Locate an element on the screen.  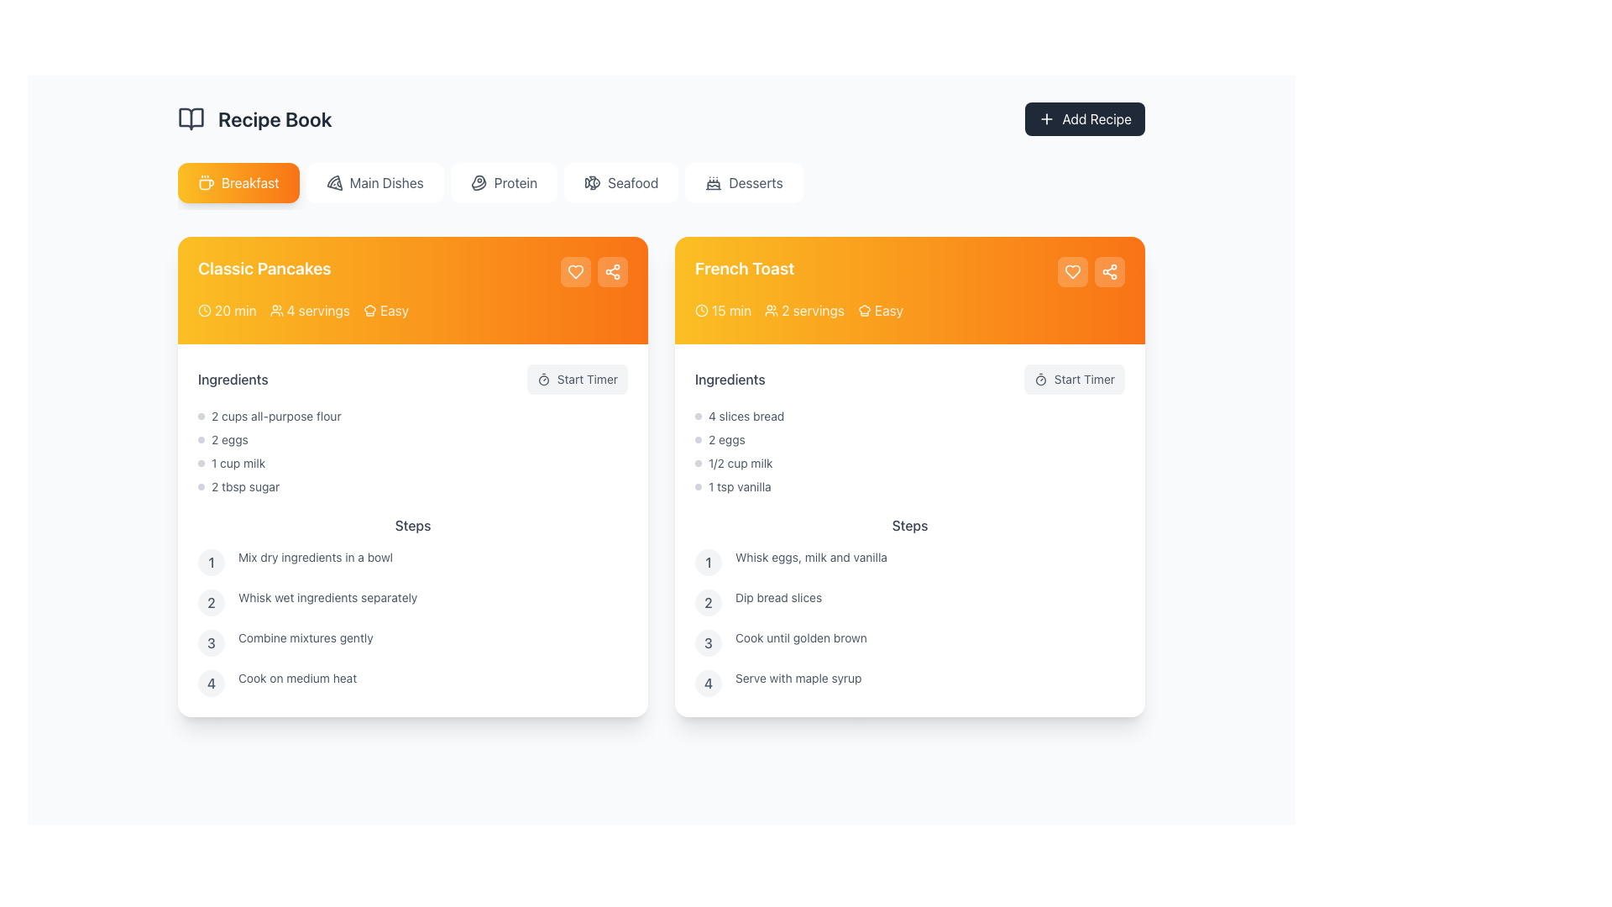
the second instructional step in the French Toast recipe card that instructs users to 'Dip bread slices' is located at coordinates (909, 601).